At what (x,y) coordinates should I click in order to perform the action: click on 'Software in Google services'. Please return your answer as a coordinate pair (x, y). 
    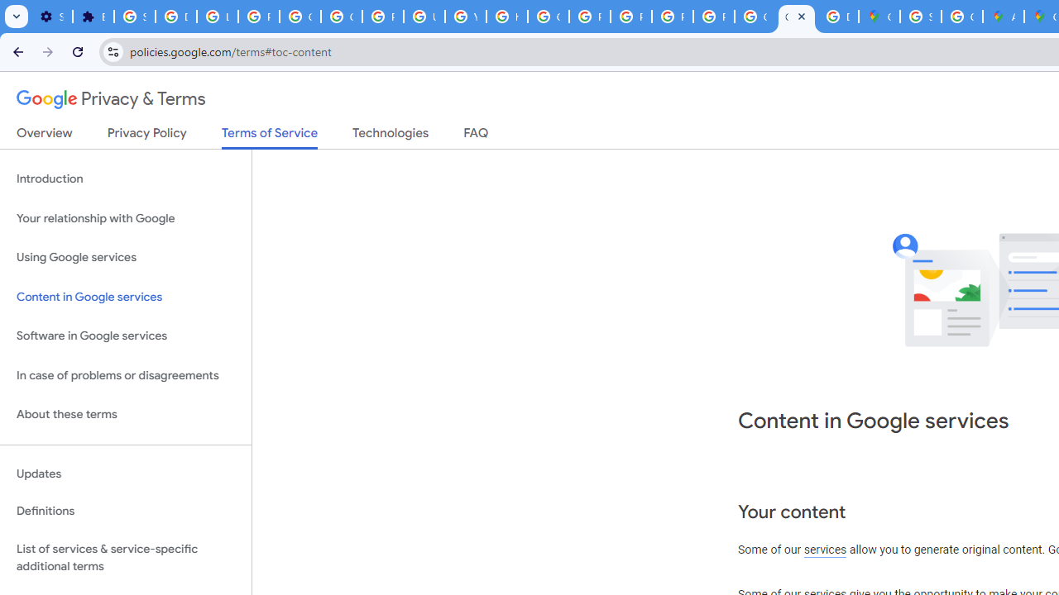
    Looking at the image, I should click on (125, 336).